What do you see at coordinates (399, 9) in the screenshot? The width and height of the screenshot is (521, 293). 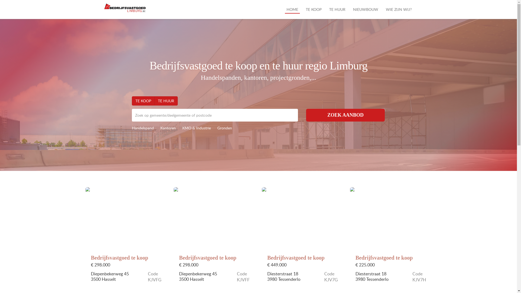 I see `'WIE ZIJN WIJ?'` at bounding box center [399, 9].